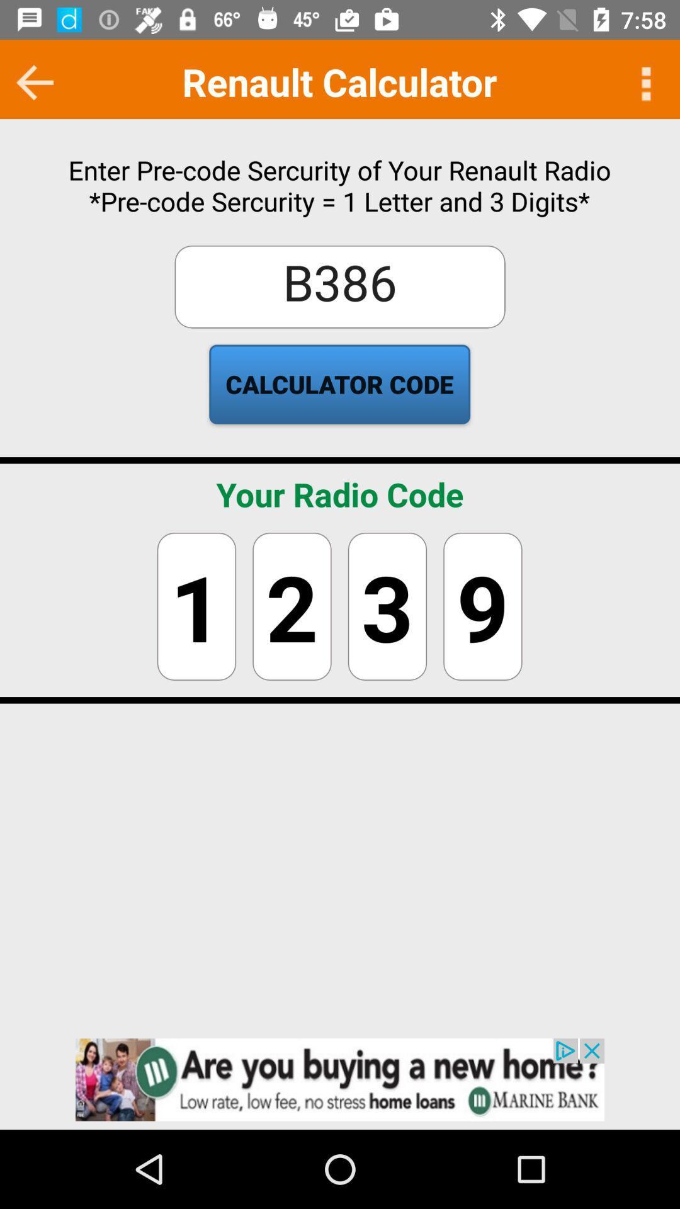  Describe the element at coordinates (340, 286) in the screenshot. I see `the box above calculator code` at that location.